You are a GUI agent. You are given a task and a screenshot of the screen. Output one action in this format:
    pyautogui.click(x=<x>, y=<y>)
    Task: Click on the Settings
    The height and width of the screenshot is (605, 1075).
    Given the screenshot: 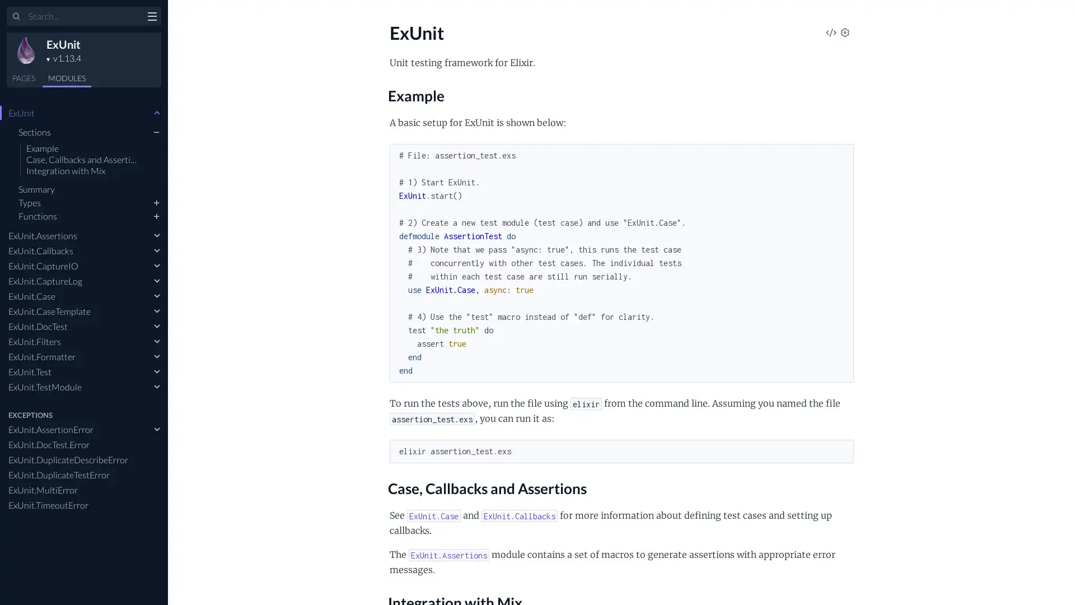 What is the action you would take?
    pyautogui.click(x=844, y=33)
    